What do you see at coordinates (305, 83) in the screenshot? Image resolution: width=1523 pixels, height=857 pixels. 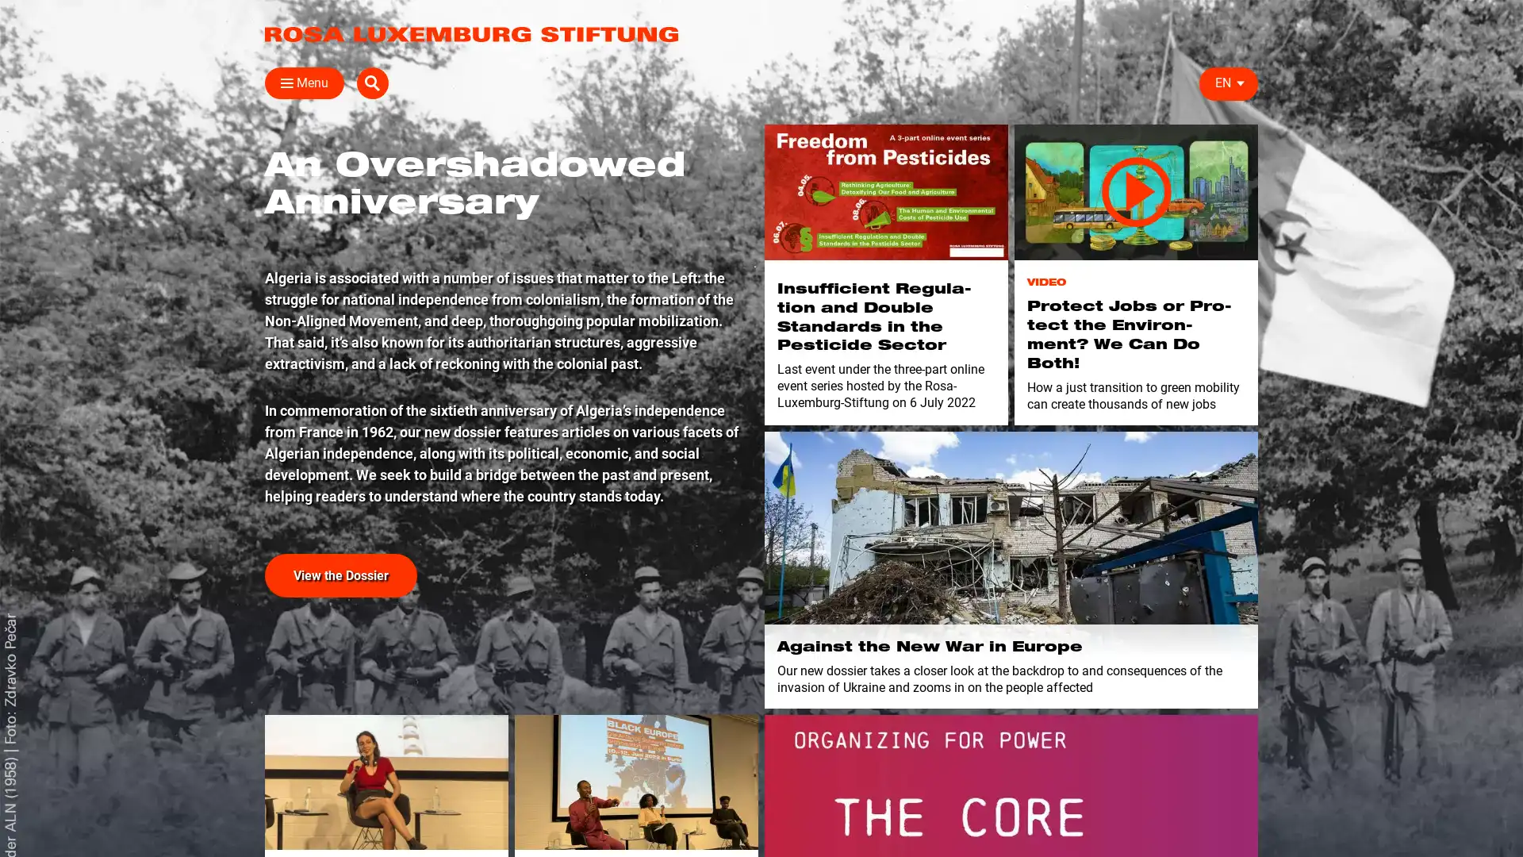 I see `Menu` at bounding box center [305, 83].